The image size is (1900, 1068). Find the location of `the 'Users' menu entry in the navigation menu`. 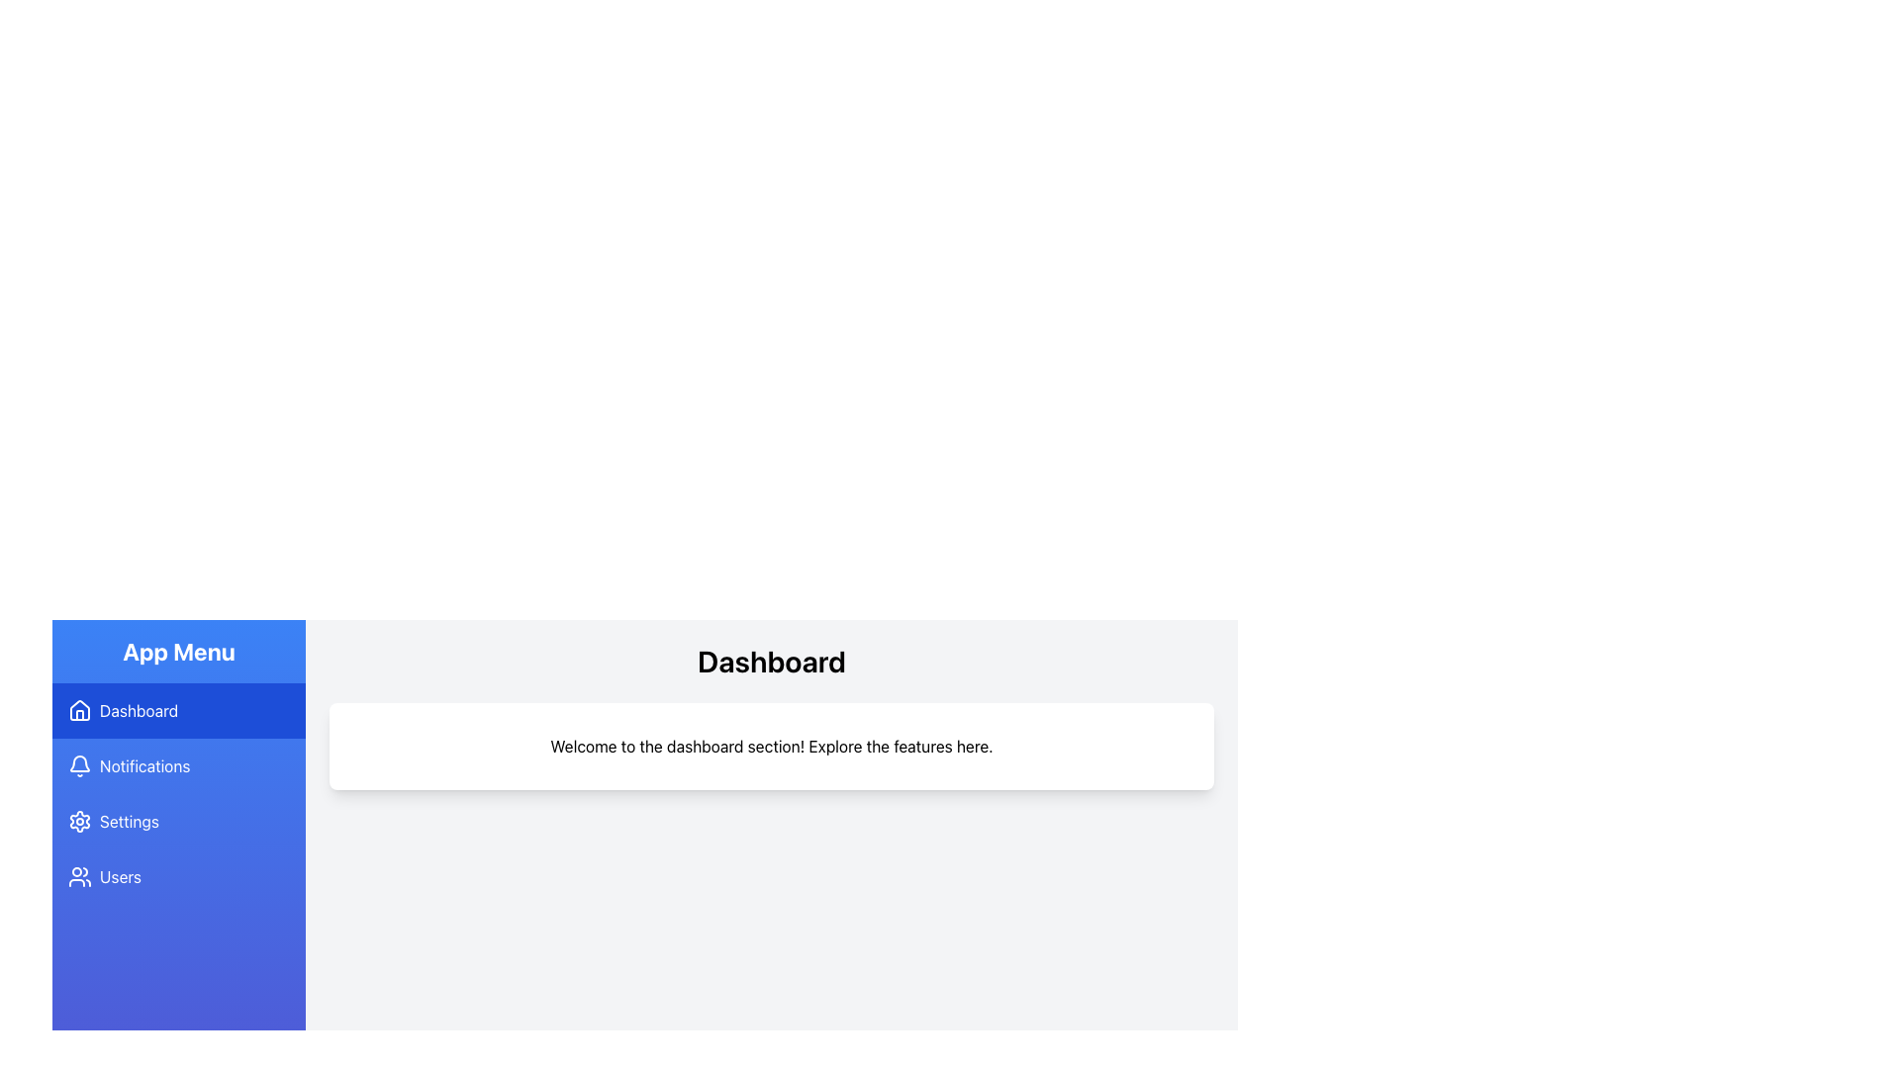

the 'Users' menu entry in the navigation menu is located at coordinates (179, 876).